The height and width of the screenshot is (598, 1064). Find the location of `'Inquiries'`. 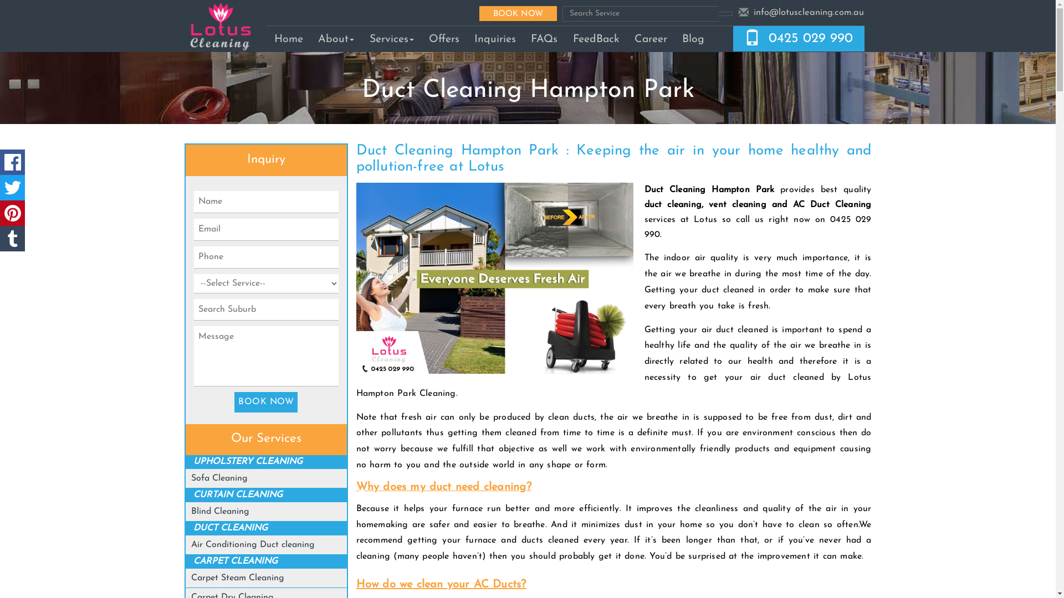

'Inquiries' is located at coordinates (494, 38).